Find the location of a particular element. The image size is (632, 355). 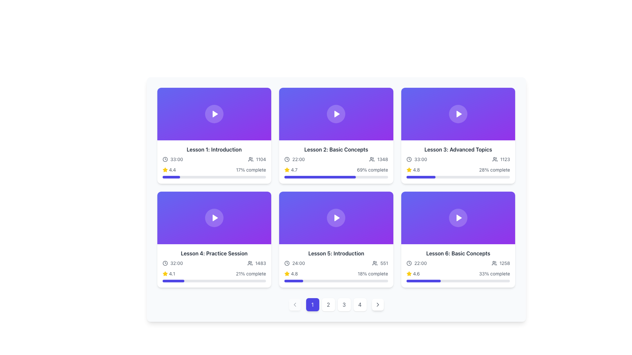

the rating value displayed as '4.8' in gray color, located in the card for 'Lesson 5: Introduction', near the star rating indicator is located at coordinates (416, 169).